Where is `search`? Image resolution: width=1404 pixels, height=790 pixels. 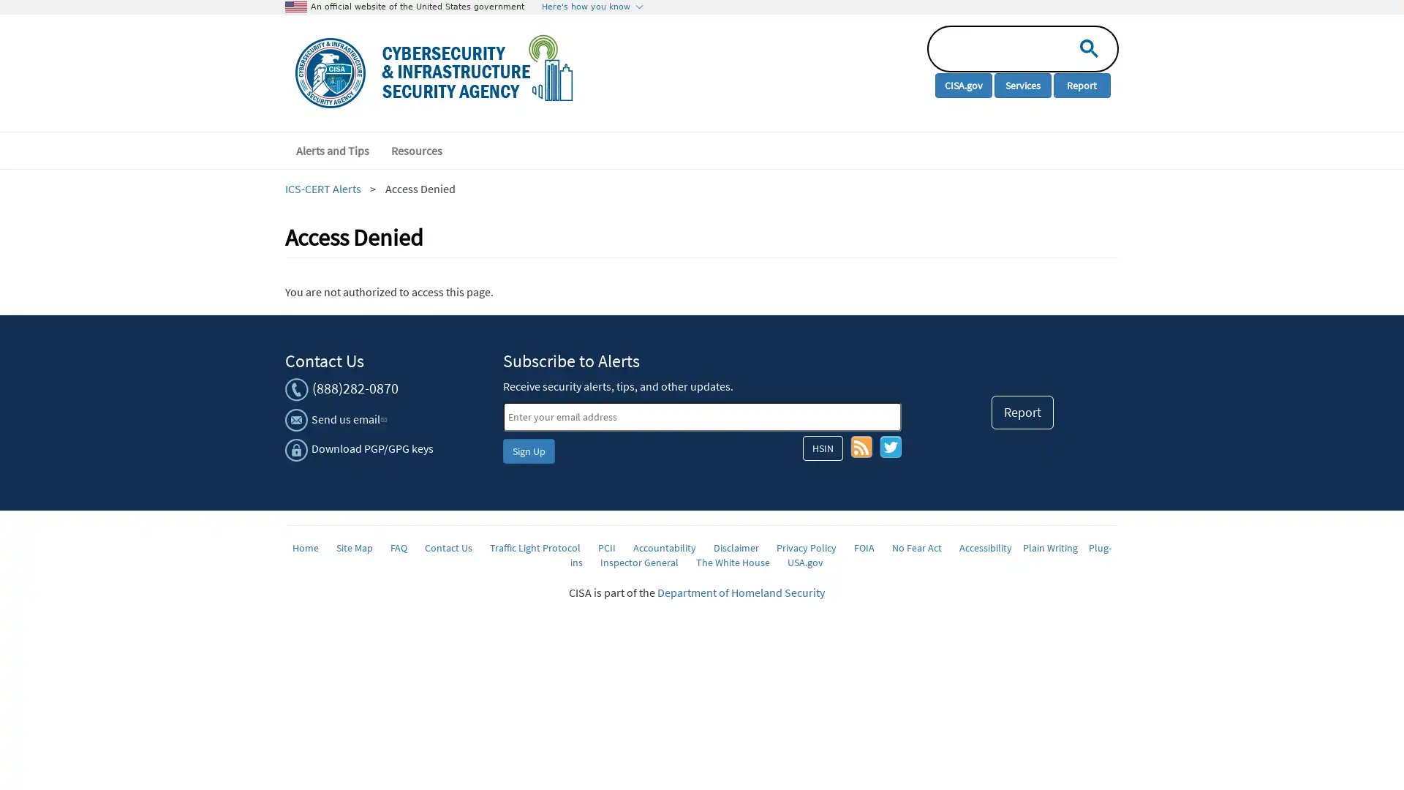
search is located at coordinates (1085, 47).